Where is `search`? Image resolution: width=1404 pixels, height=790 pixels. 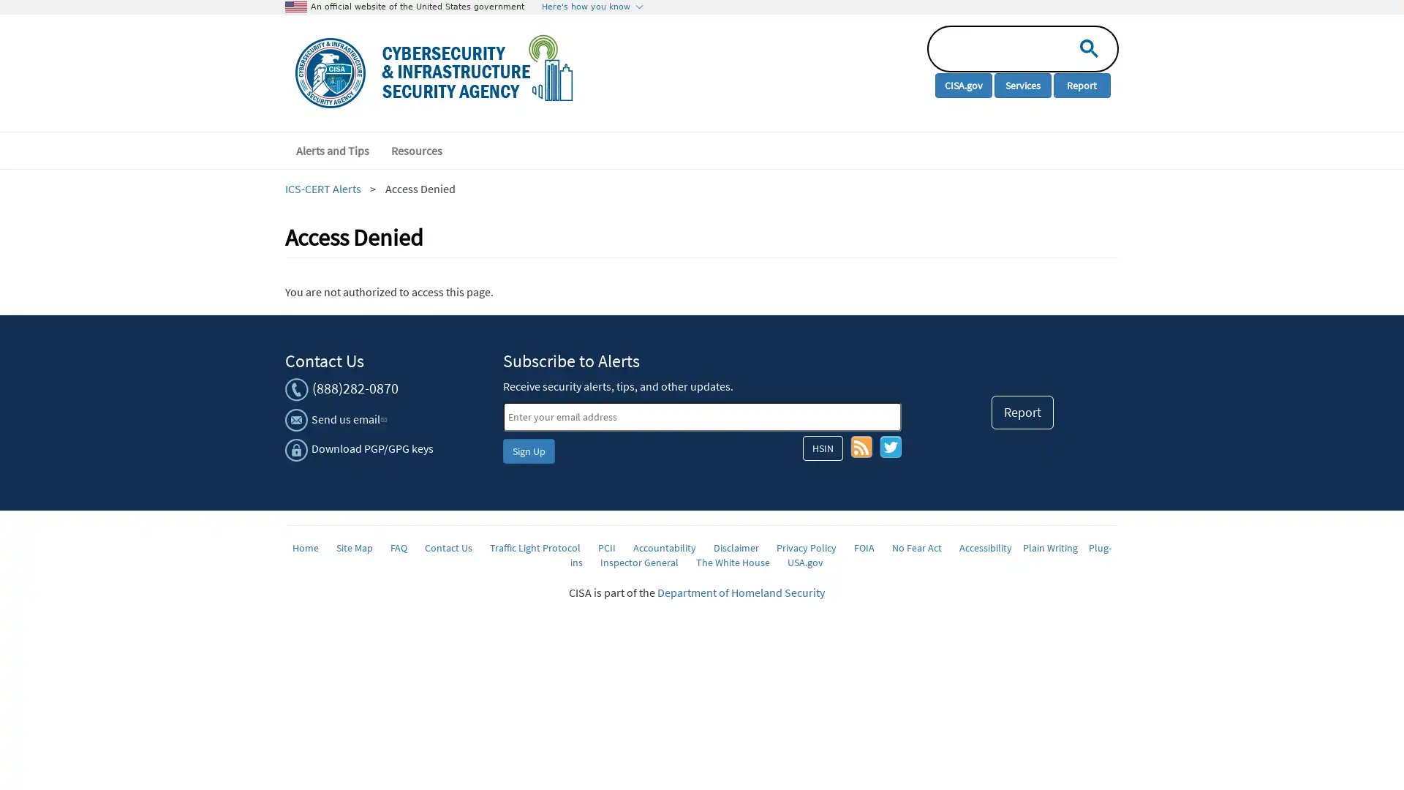
search is located at coordinates (1085, 47).